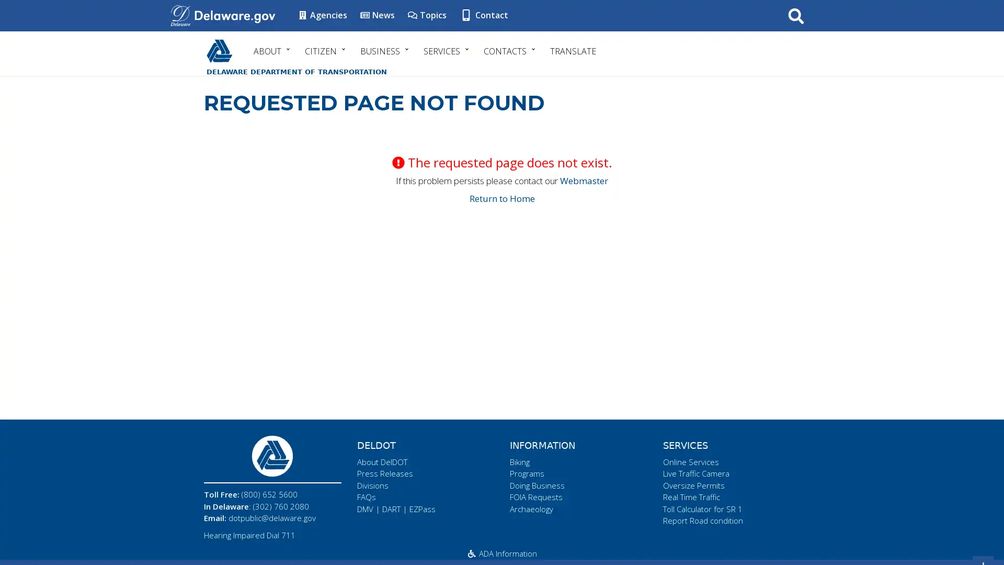 The height and width of the screenshot is (565, 1004). Describe the element at coordinates (795, 15) in the screenshot. I see `Search` at that location.